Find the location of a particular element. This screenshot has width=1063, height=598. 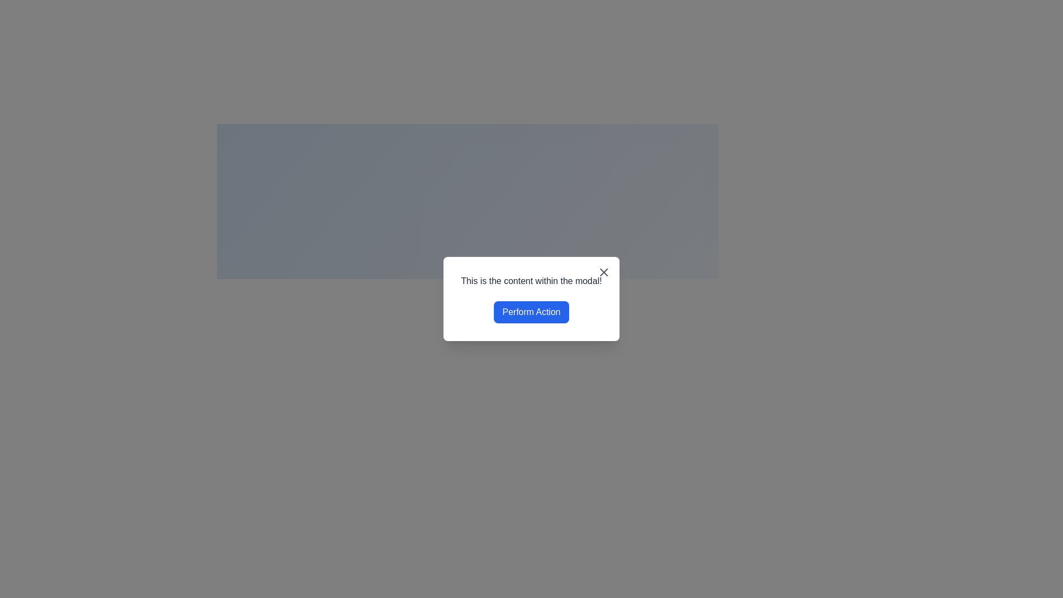

the blue rectangular button with rounded edges labeled 'Perform Action' located in the modal dialog box is located at coordinates (531, 312).